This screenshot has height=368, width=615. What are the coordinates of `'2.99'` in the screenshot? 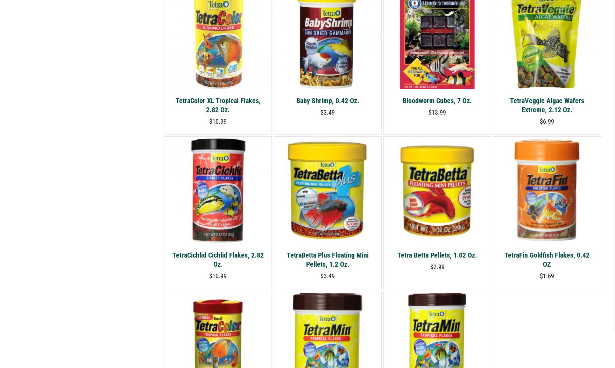 It's located at (438, 266).